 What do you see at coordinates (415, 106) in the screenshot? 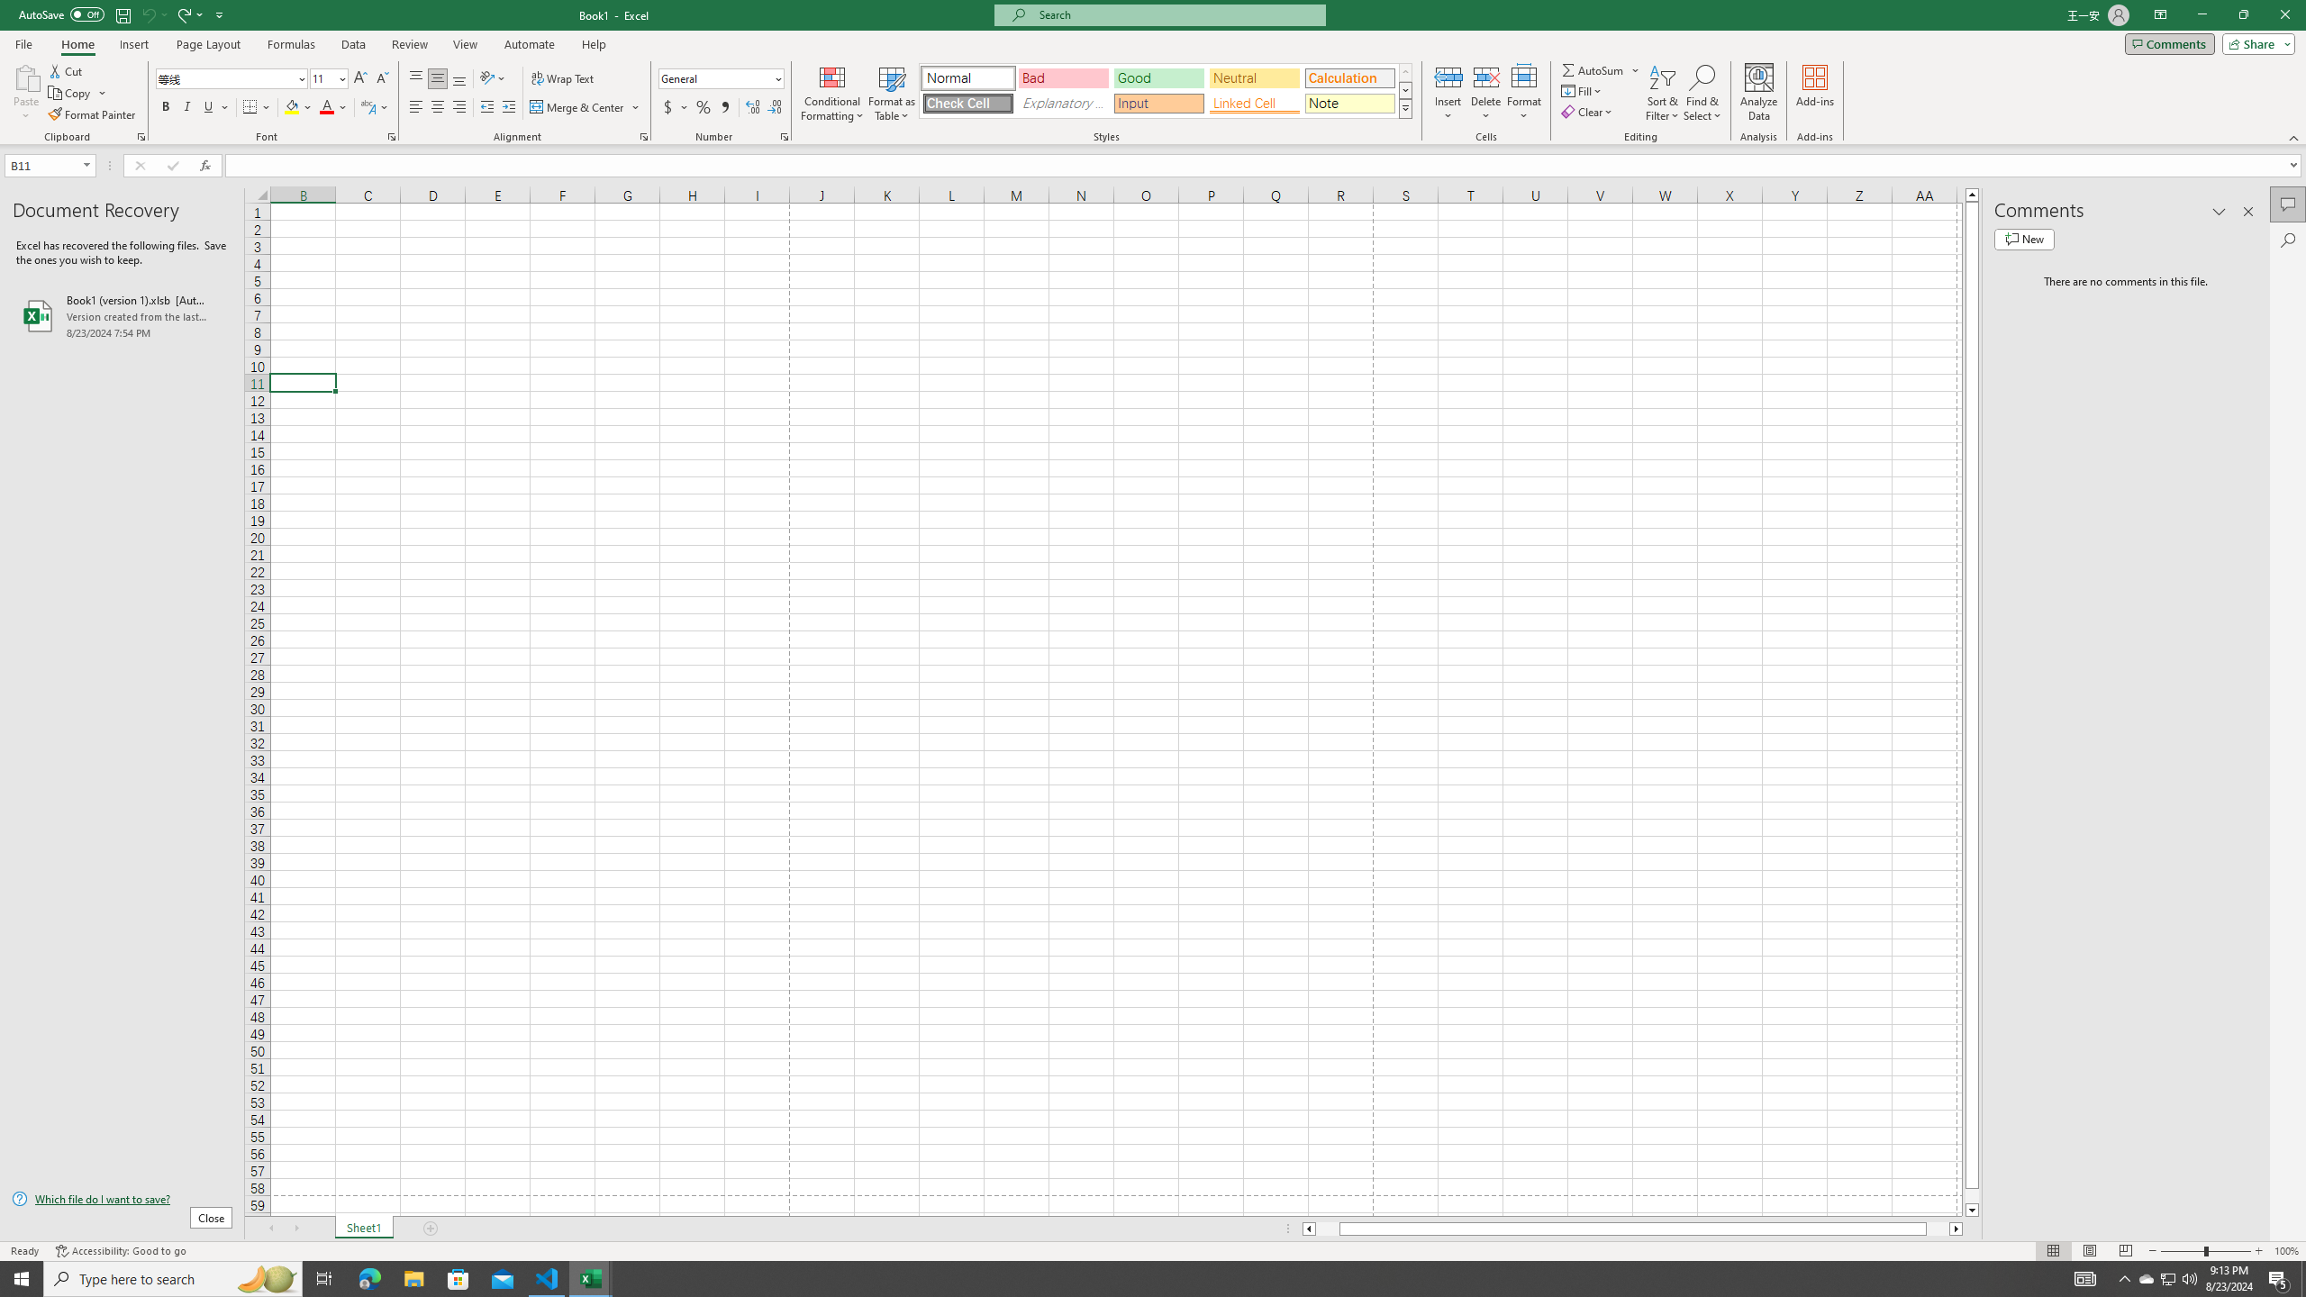
I see `'Align Left'` at bounding box center [415, 106].